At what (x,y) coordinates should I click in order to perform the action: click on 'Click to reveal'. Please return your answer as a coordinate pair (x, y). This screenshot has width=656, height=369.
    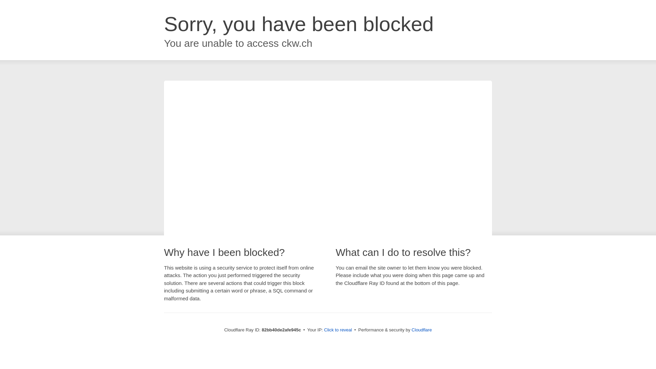
    Looking at the image, I should click on (338, 329).